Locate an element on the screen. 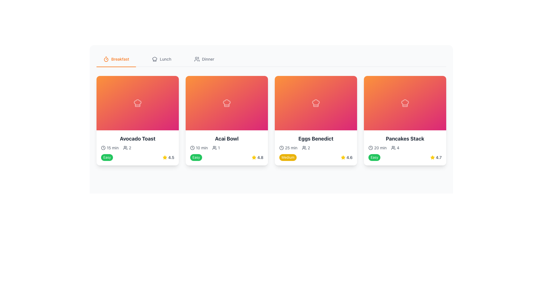  numeric value displayed in the text label '4.6' located in the third card of the grid, adjacent to the yellow star icon in the rating visualization is located at coordinates (349, 157).